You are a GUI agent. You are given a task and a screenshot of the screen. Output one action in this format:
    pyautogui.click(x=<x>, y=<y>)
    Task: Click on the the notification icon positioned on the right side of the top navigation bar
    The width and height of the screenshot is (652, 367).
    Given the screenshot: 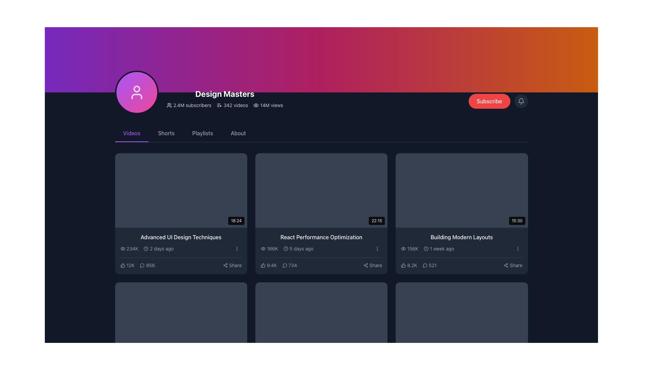 What is the action you would take?
    pyautogui.click(x=521, y=101)
    